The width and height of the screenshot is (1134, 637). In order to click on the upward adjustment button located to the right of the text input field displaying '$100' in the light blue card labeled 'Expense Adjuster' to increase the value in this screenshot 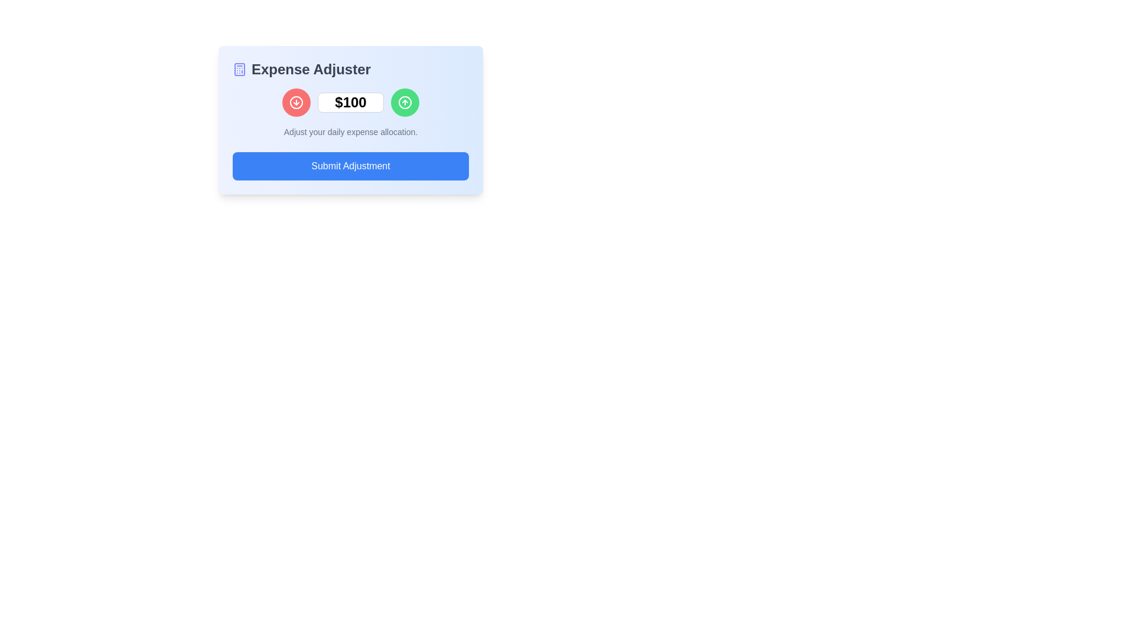, I will do `click(405, 101)`.